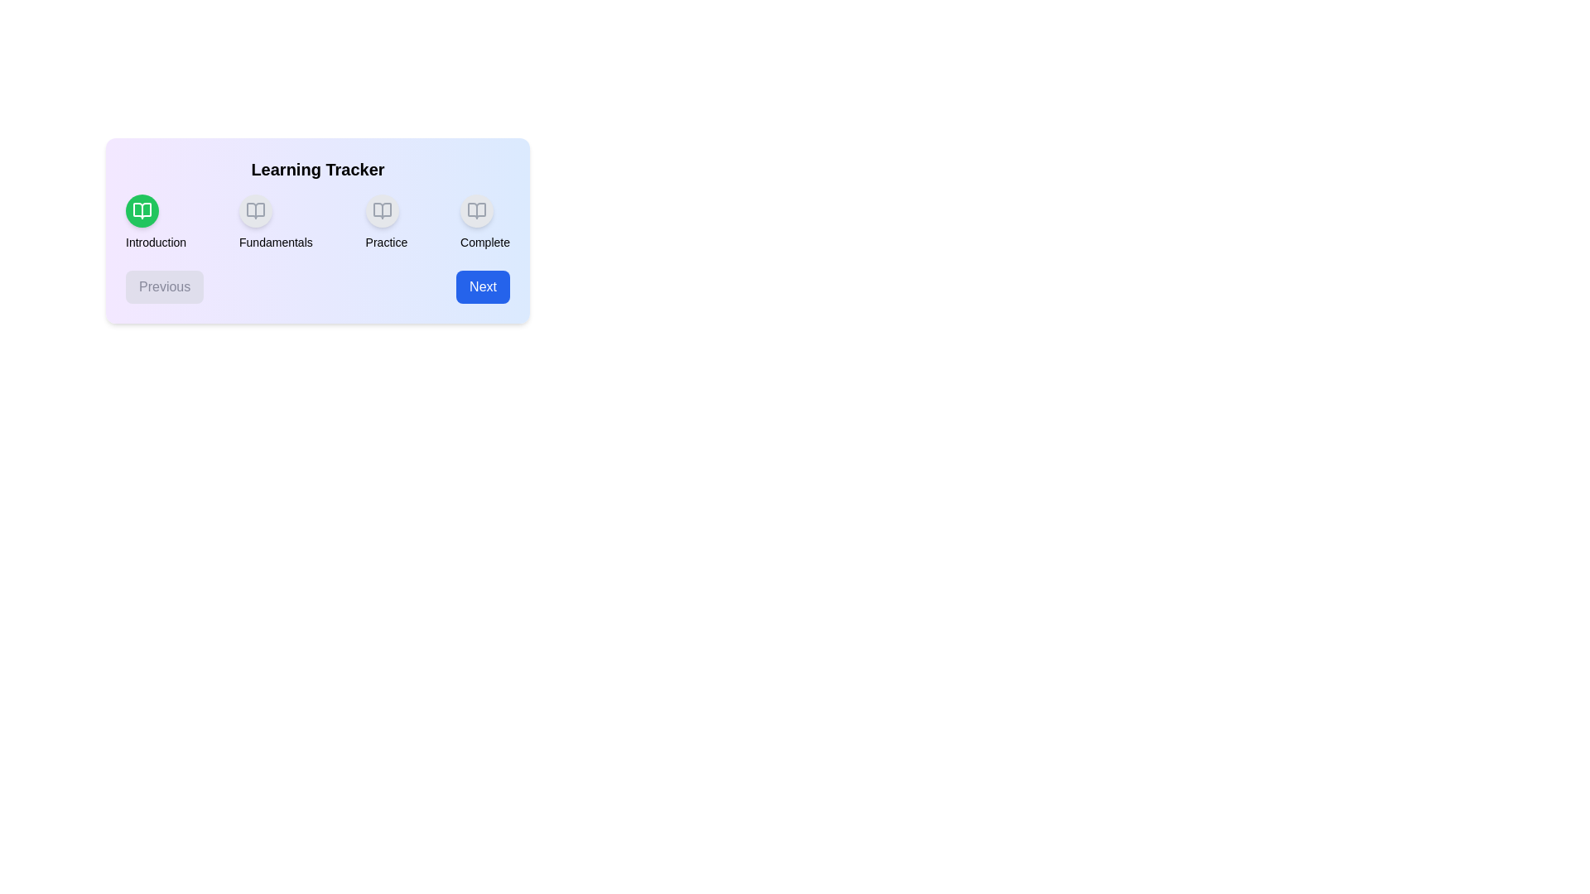 This screenshot has height=894, width=1590. I want to click on the 'Complete' icon in the 'Learning Tracker' section, which is the fourth item in a horizontal sequence of icons, so click(476, 209).